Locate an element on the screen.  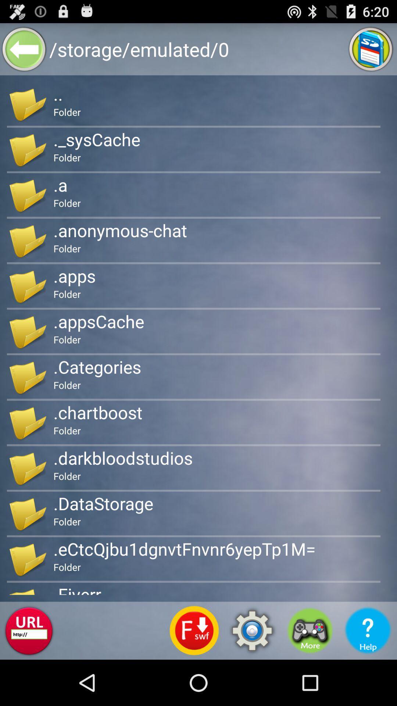
settings is located at coordinates (252, 630).